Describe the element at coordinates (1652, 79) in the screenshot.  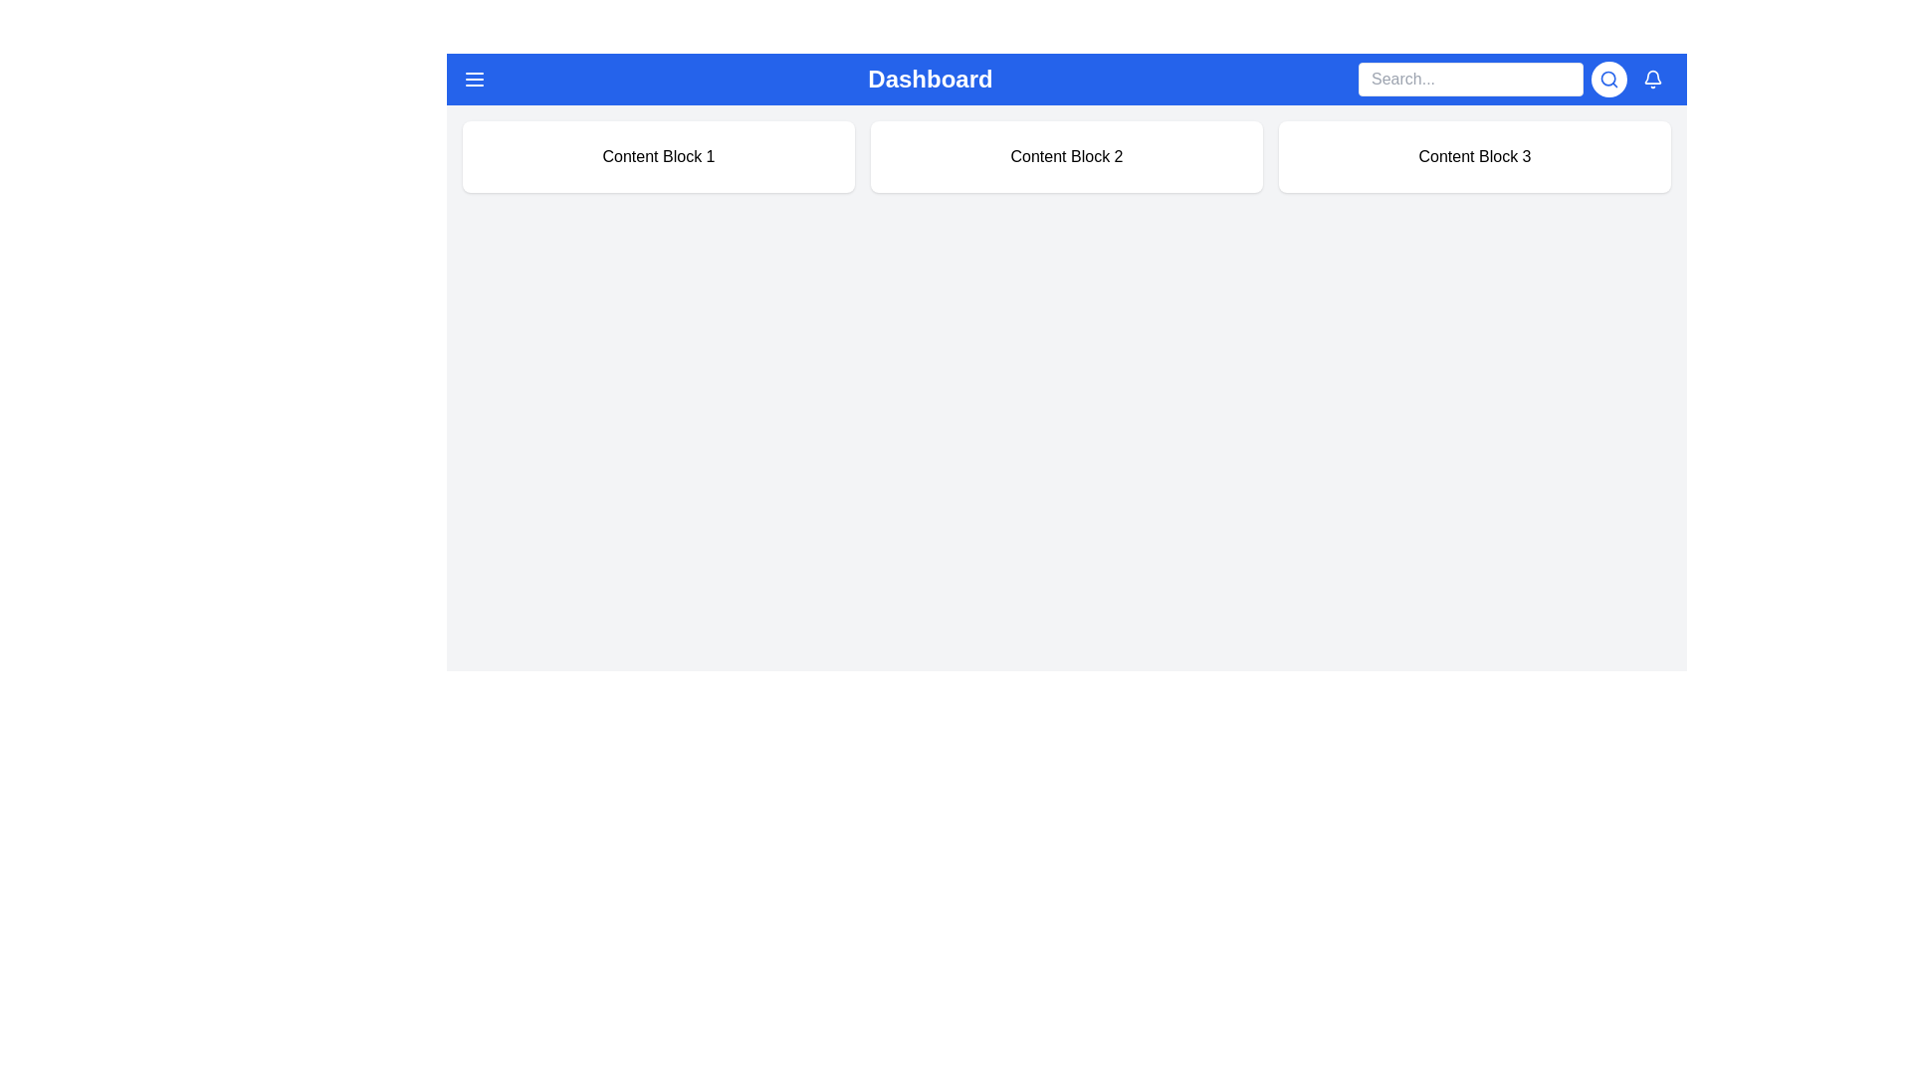
I see `the bell-shaped notification icon located in the top-right corner of the navigation header, adjacent to the search icon` at that location.